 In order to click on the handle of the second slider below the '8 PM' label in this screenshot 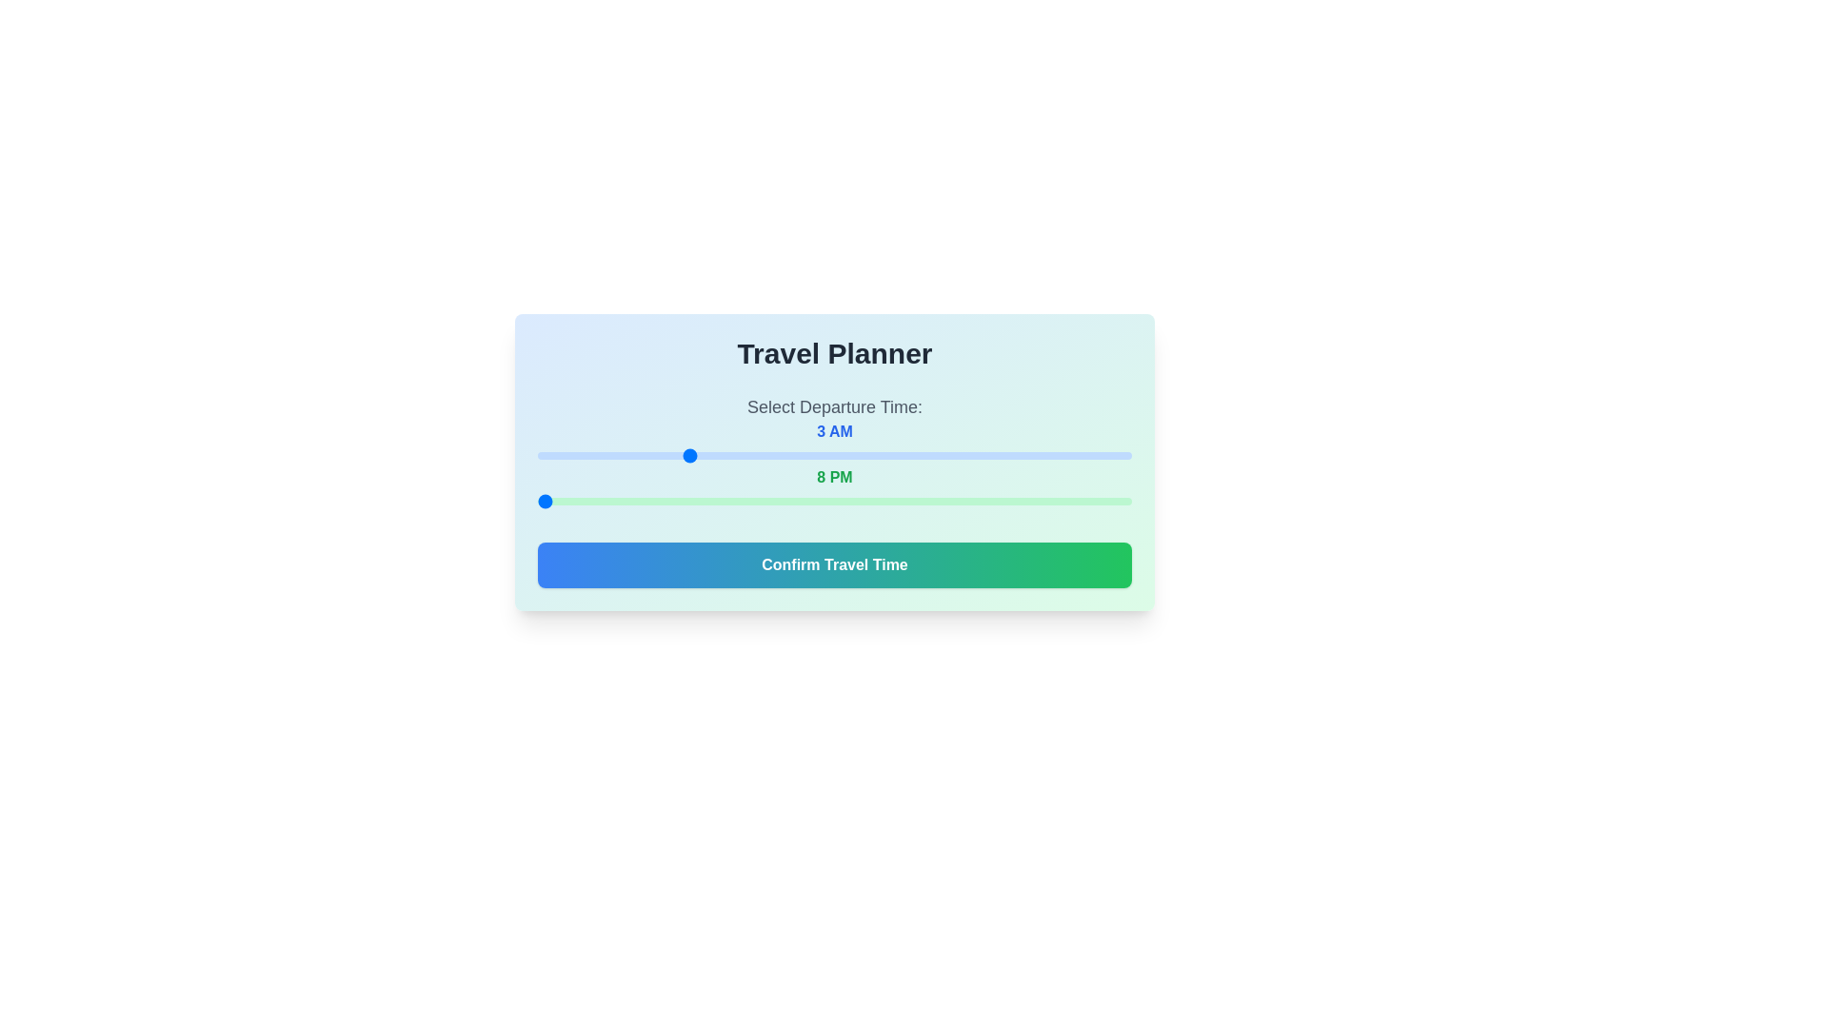, I will do `click(835, 501)`.